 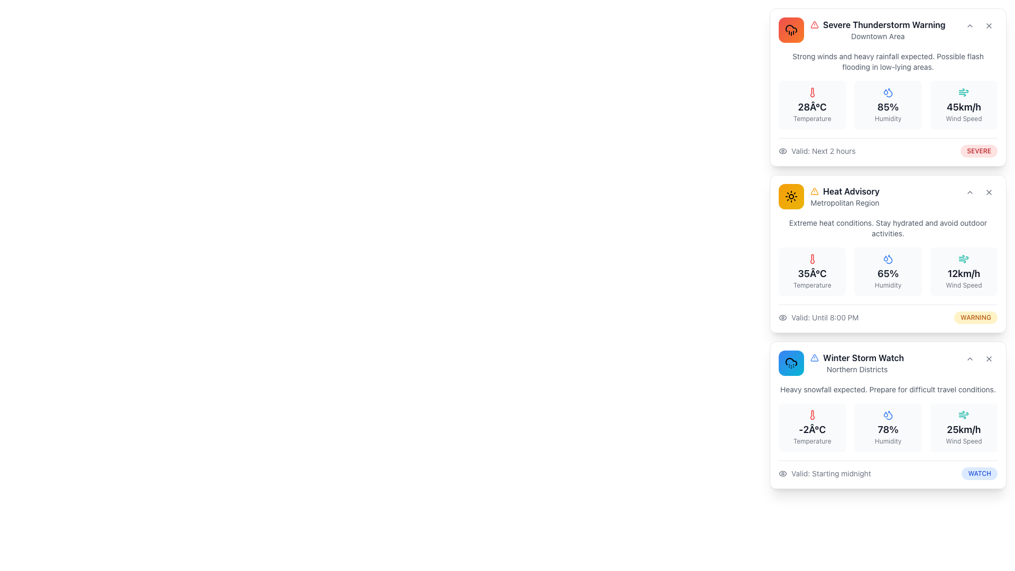 I want to click on the humidity informational card located in the middle section of the 'Heat Advisory' alert to read the current humidity percentage, so click(x=888, y=271).